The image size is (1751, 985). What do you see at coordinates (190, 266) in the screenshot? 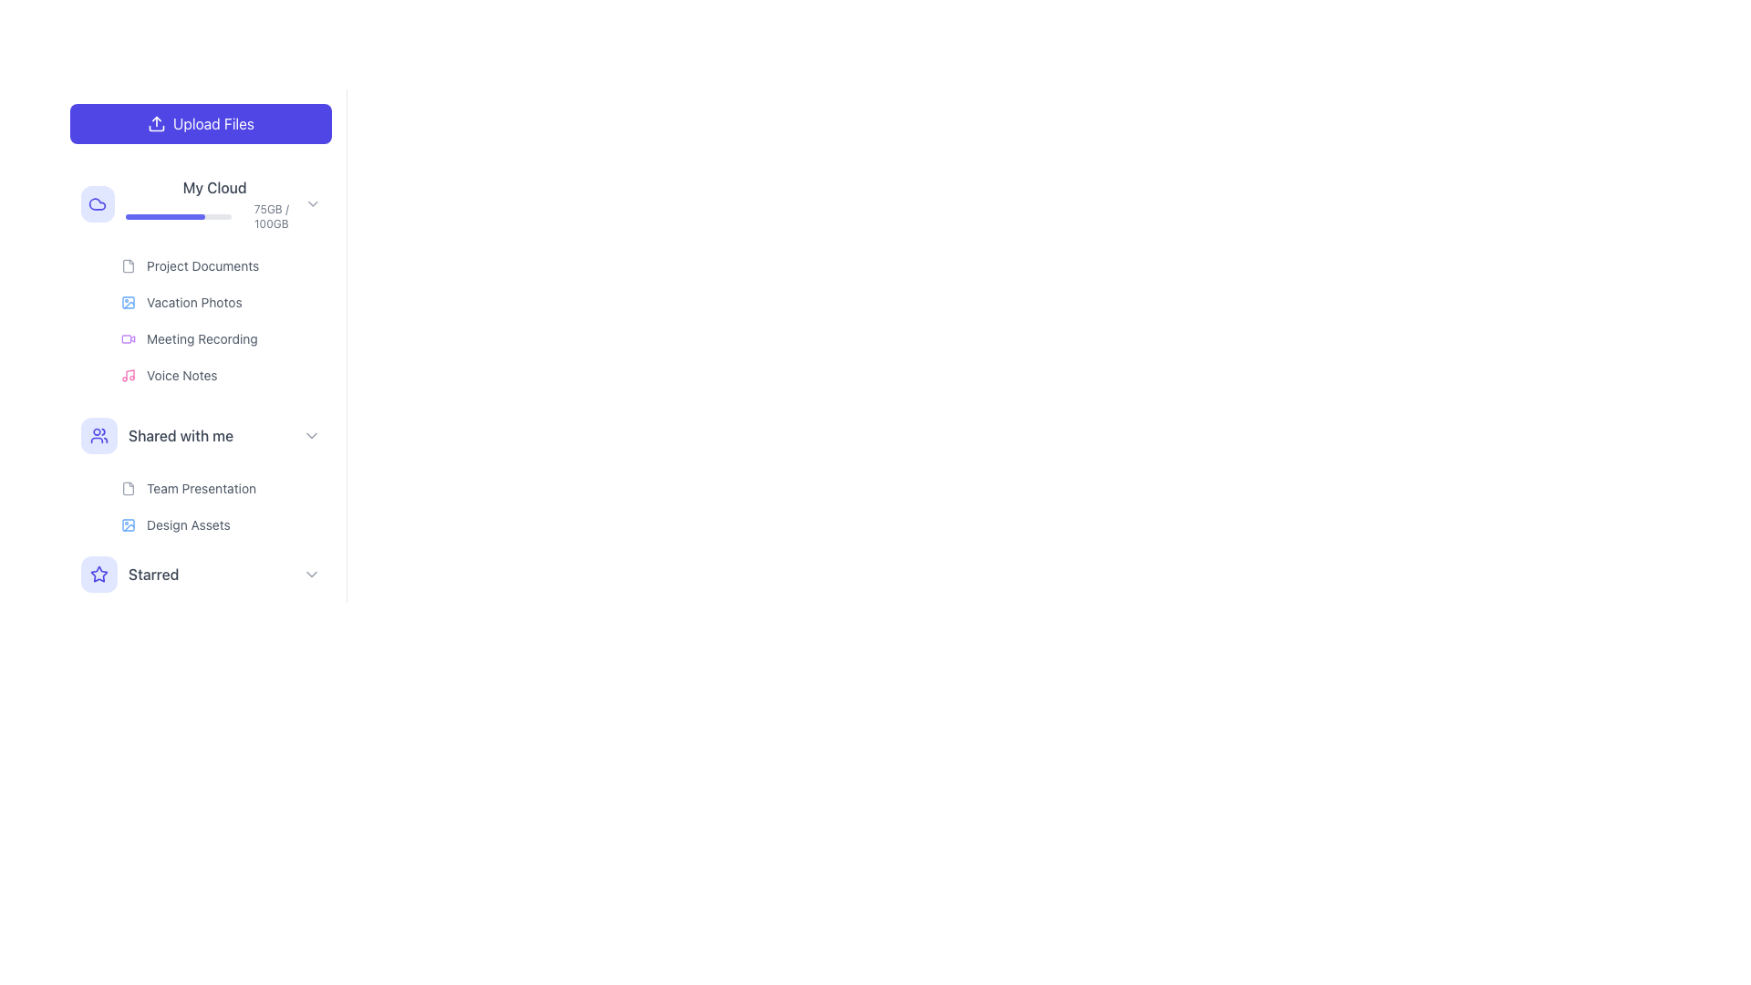
I see `the 'Project Documents' menu item, which is the first entry under 'My Cloud'` at bounding box center [190, 266].